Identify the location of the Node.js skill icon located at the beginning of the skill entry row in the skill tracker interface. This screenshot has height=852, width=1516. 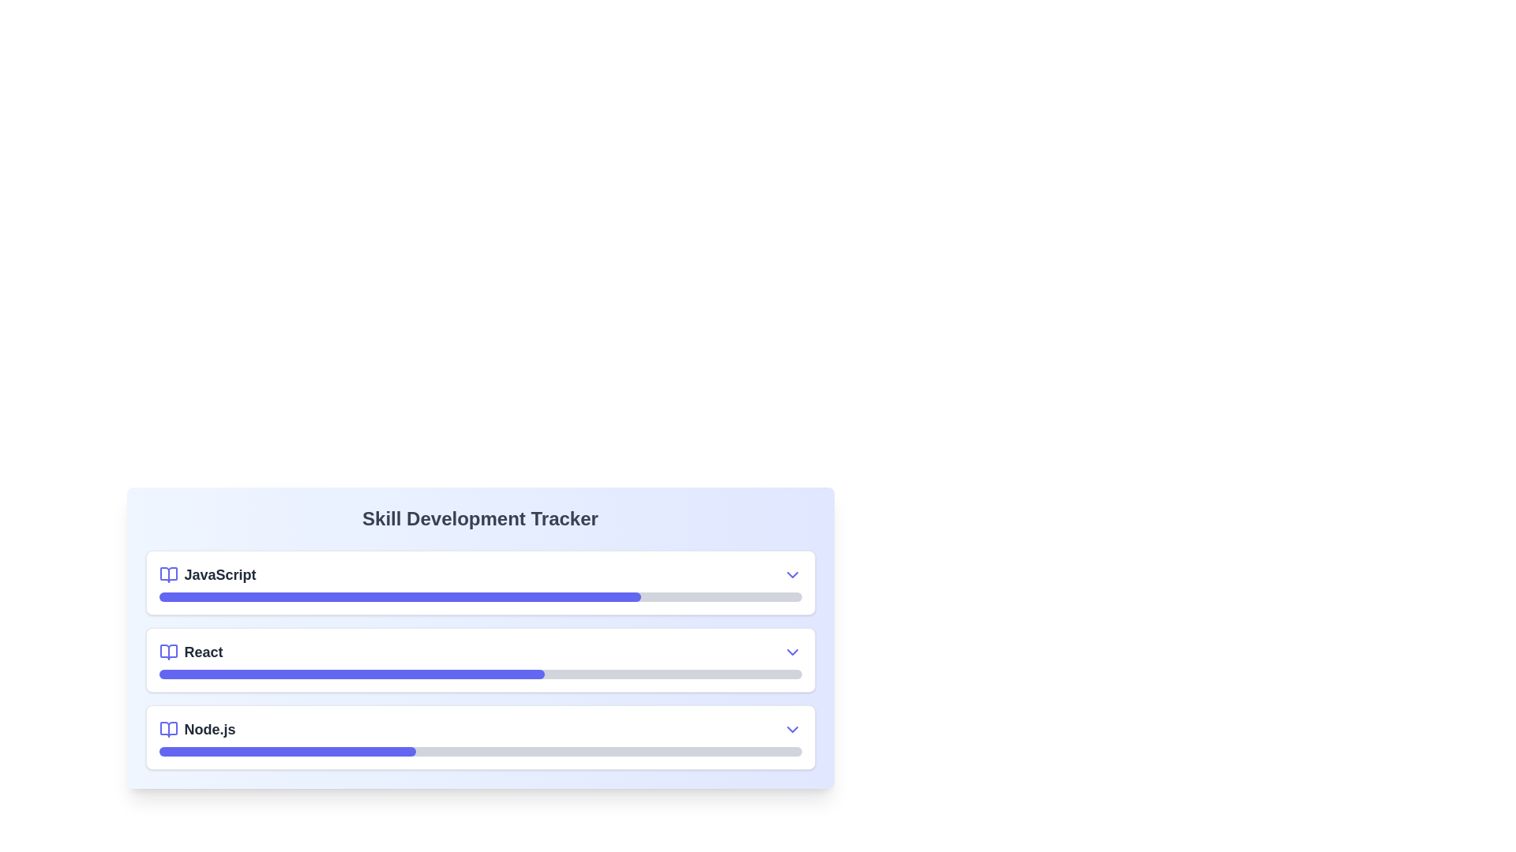
(168, 730).